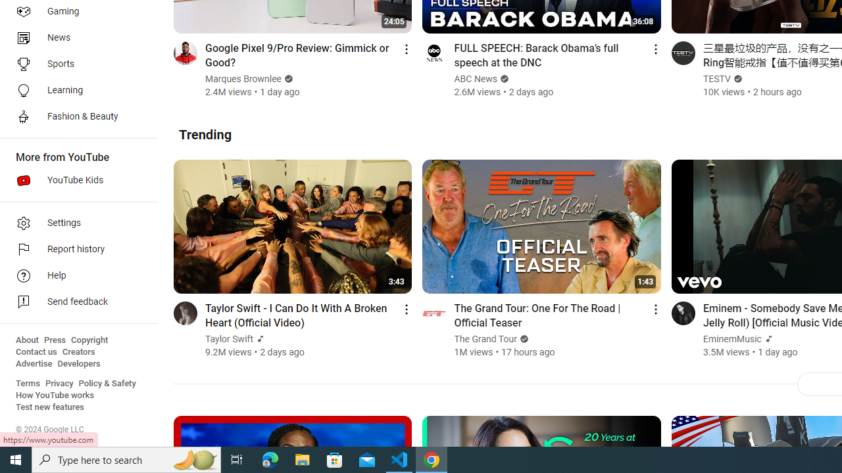 This screenshot has width=842, height=473. Describe the element at coordinates (89, 340) in the screenshot. I see `'Copyright'` at that location.